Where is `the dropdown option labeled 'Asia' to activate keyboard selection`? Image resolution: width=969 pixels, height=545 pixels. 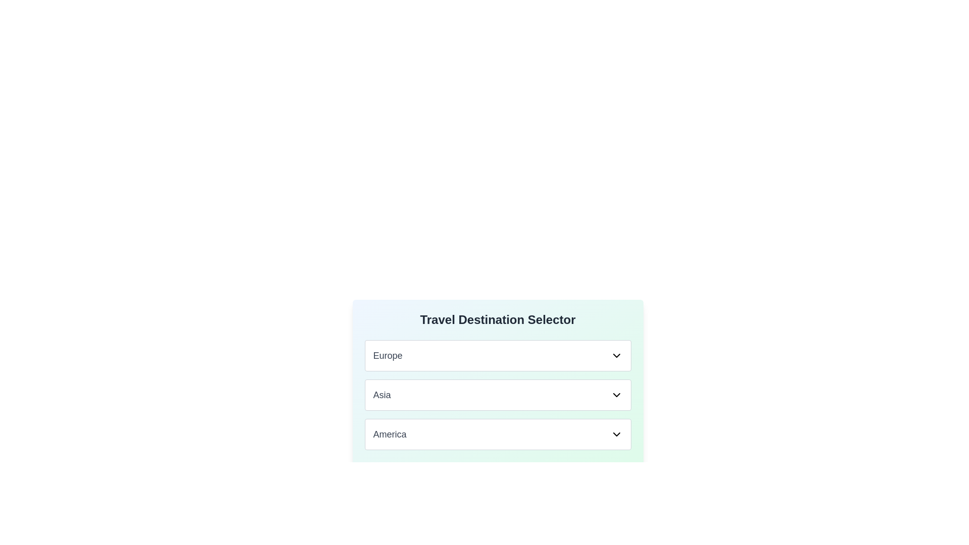 the dropdown option labeled 'Asia' to activate keyboard selection is located at coordinates (498, 395).